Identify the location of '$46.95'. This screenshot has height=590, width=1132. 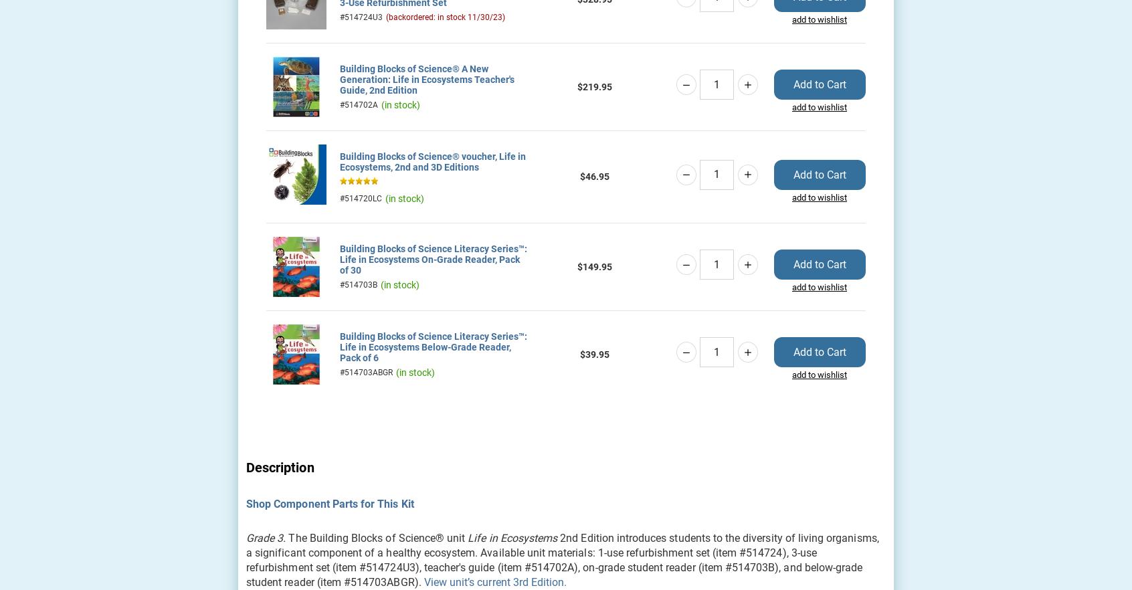
(593, 176).